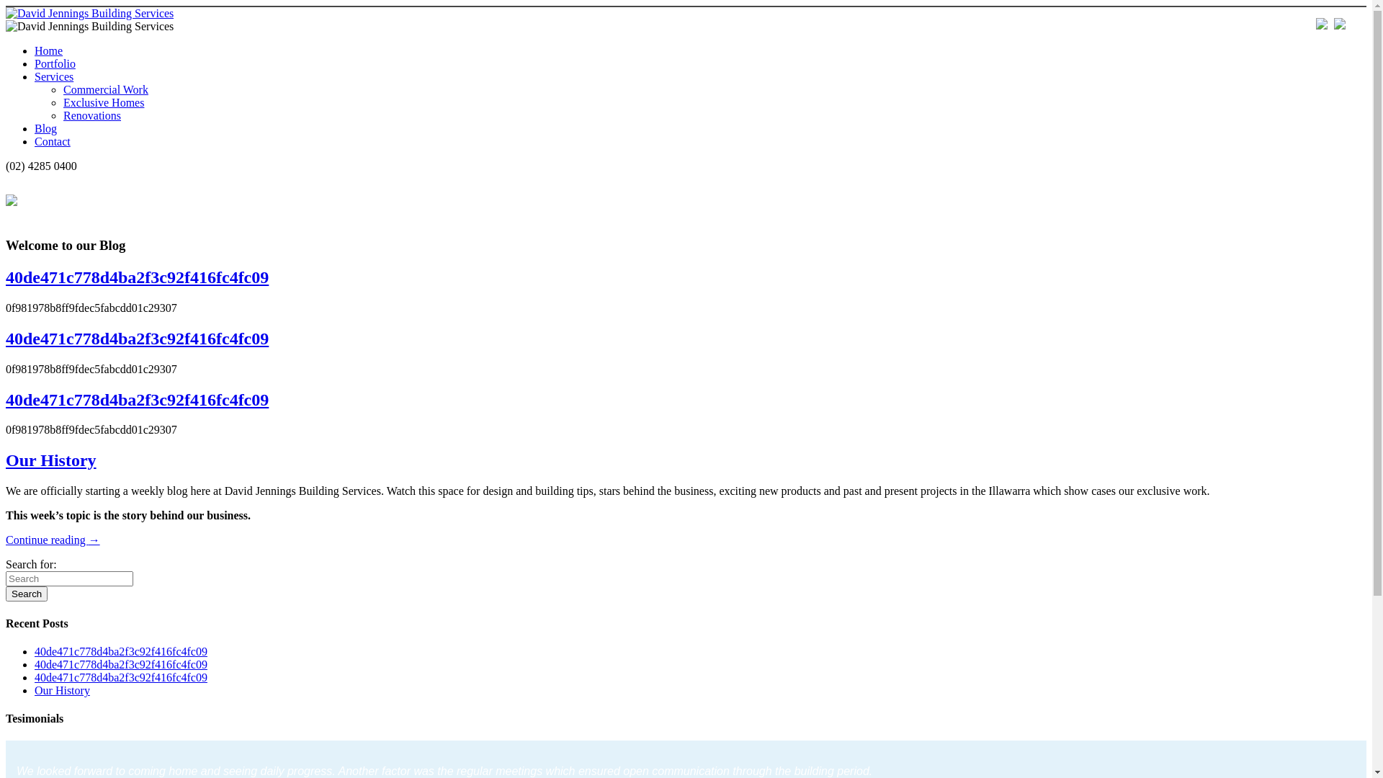 Image resolution: width=1383 pixels, height=778 pixels. What do you see at coordinates (6, 460) in the screenshot?
I see `'Our History'` at bounding box center [6, 460].